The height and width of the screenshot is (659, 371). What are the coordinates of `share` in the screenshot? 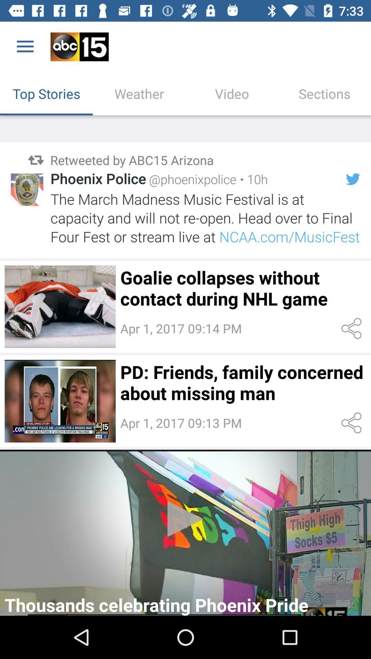 It's located at (353, 328).